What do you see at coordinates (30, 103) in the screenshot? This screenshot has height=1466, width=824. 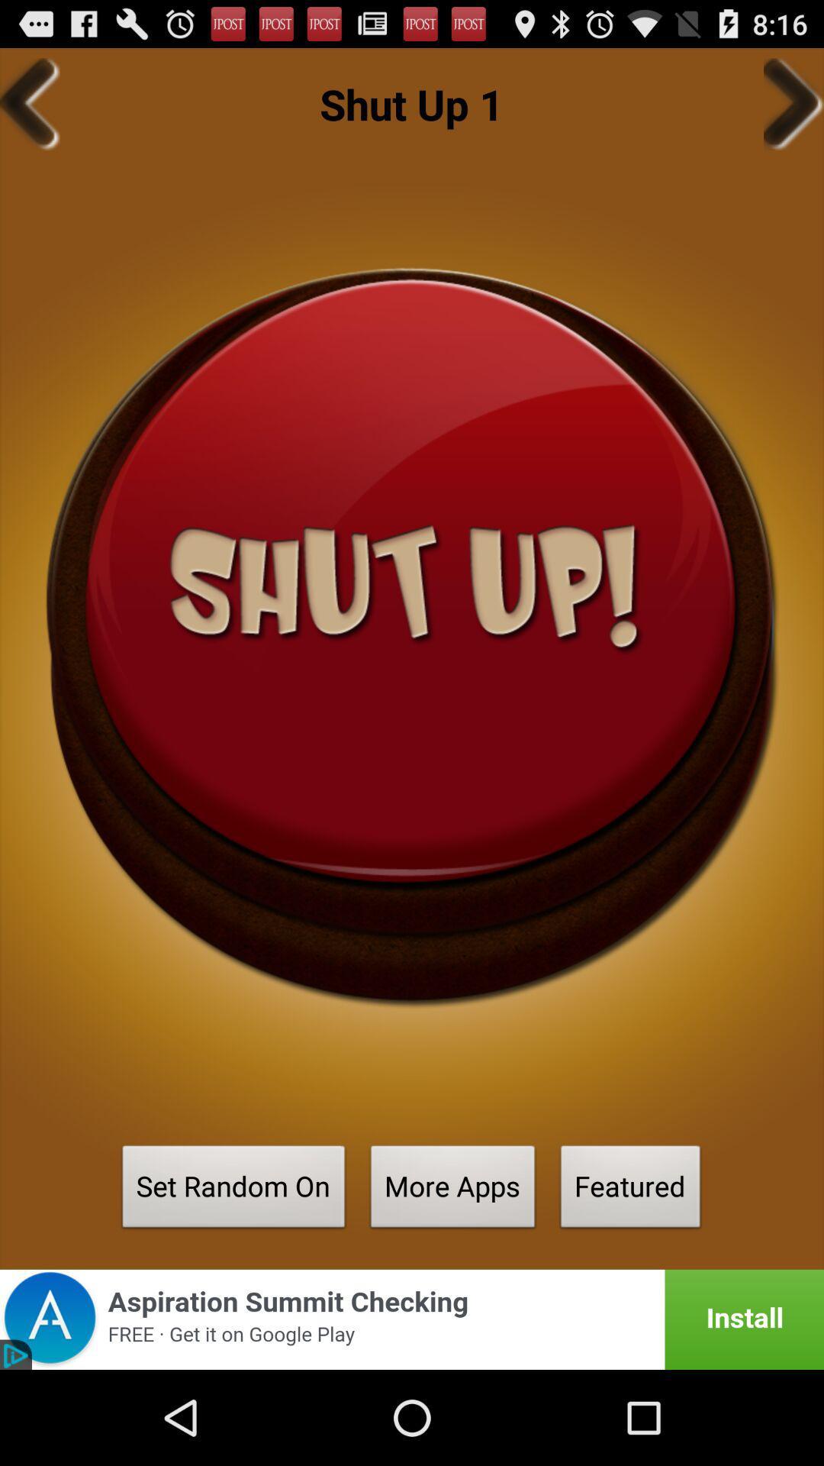 I see `icon at the top left corner` at bounding box center [30, 103].